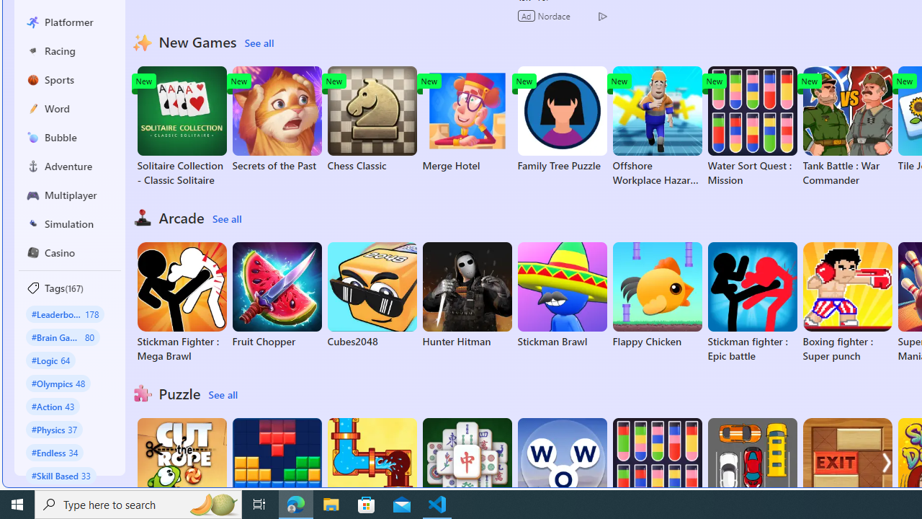 This screenshot has width=922, height=519. Describe the element at coordinates (55, 451) in the screenshot. I see `'#Endless 34'` at that location.